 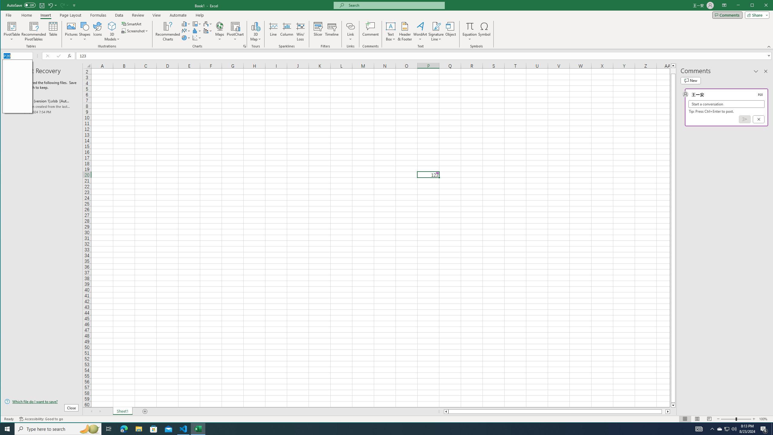 I want to click on 'PivotChart', so click(x=235, y=26).